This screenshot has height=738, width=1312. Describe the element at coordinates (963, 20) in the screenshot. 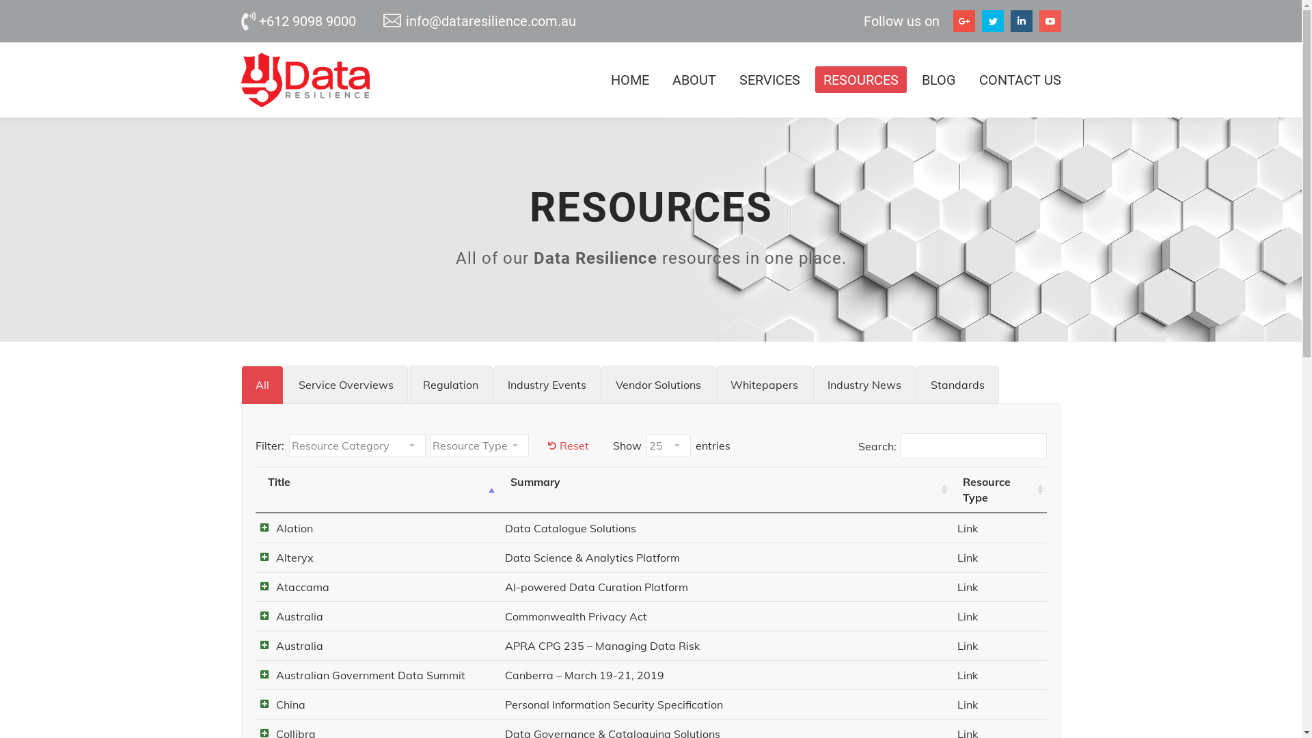

I see `'Google+'` at that location.